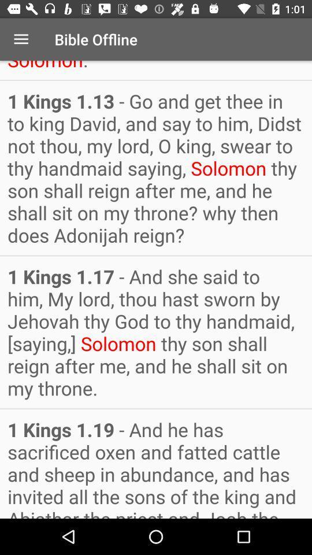 Image resolution: width=312 pixels, height=555 pixels. I want to click on the item to the left of the bible offline item, so click(21, 39).